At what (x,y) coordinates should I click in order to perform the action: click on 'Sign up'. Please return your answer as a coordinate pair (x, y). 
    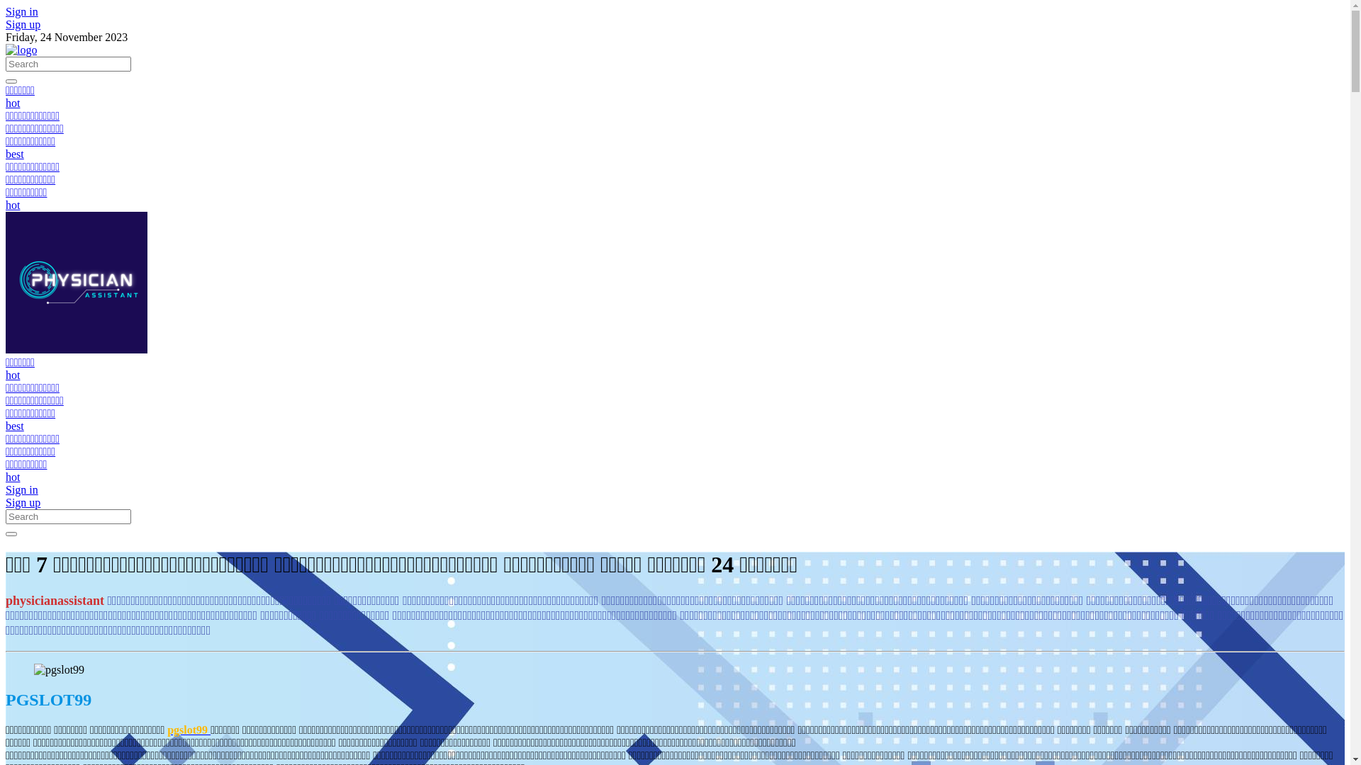
    Looking at the image, I should click on (23, 501).